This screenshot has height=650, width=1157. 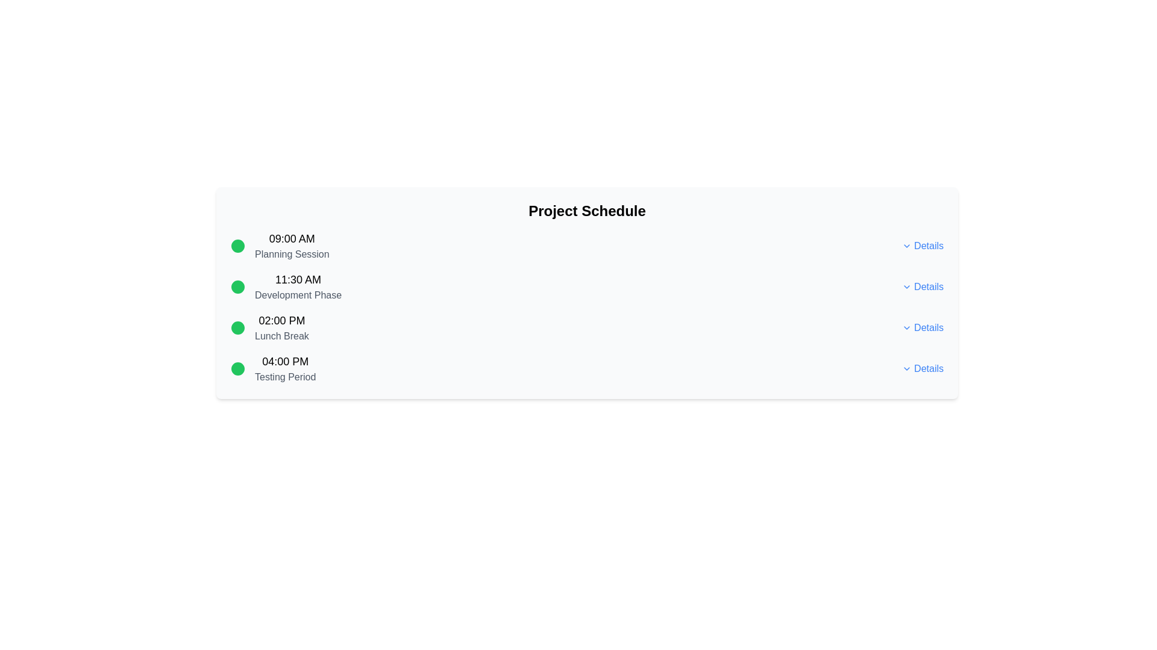 I want to click on the downward-pointing chevron icon located next to the text 'Details' in the first row of the list, so click(x=907, y=245).